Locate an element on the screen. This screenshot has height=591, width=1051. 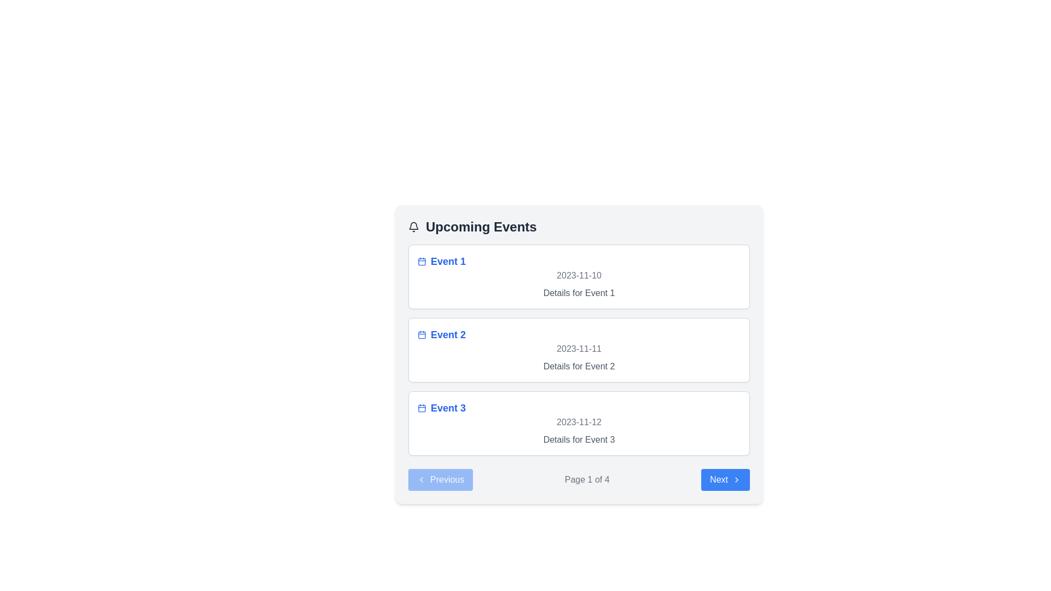
the calendar icon located to the left of the event title in the second row of the 'Event 2' entry is located at coordinates (421, 334).